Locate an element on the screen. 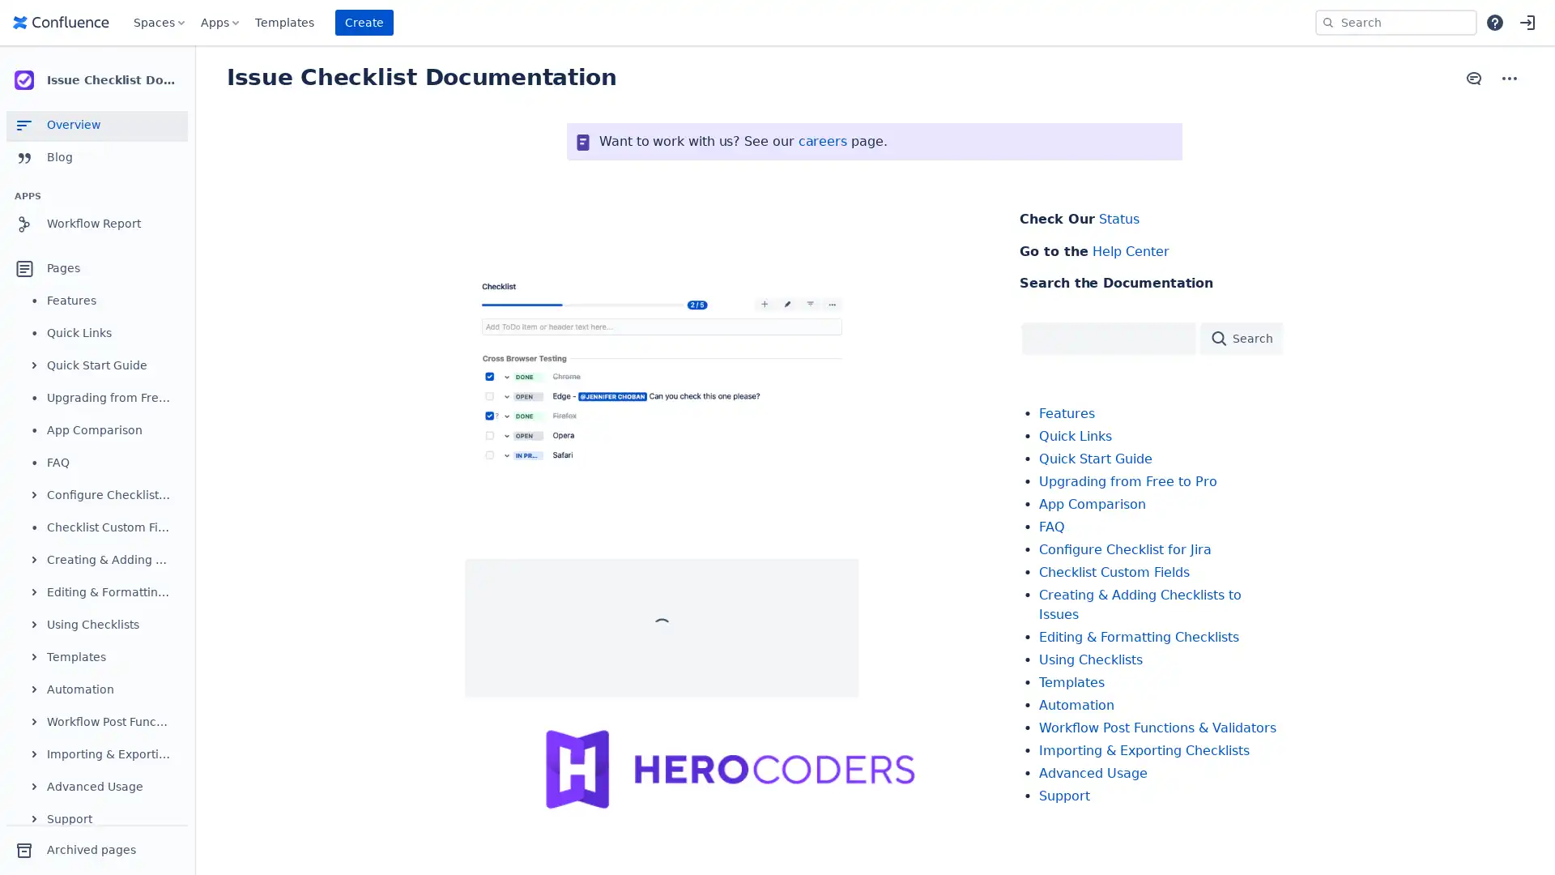  Collapse sidebar is located at coordinates (194, 81).